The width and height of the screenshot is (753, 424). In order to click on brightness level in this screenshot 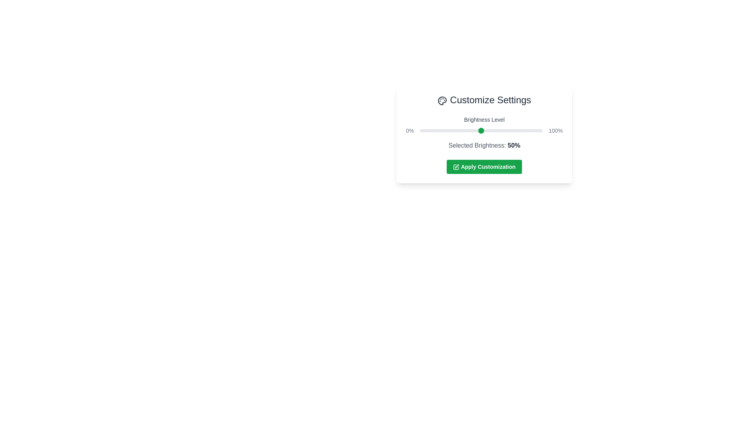, I will do `click(526, 130)`.